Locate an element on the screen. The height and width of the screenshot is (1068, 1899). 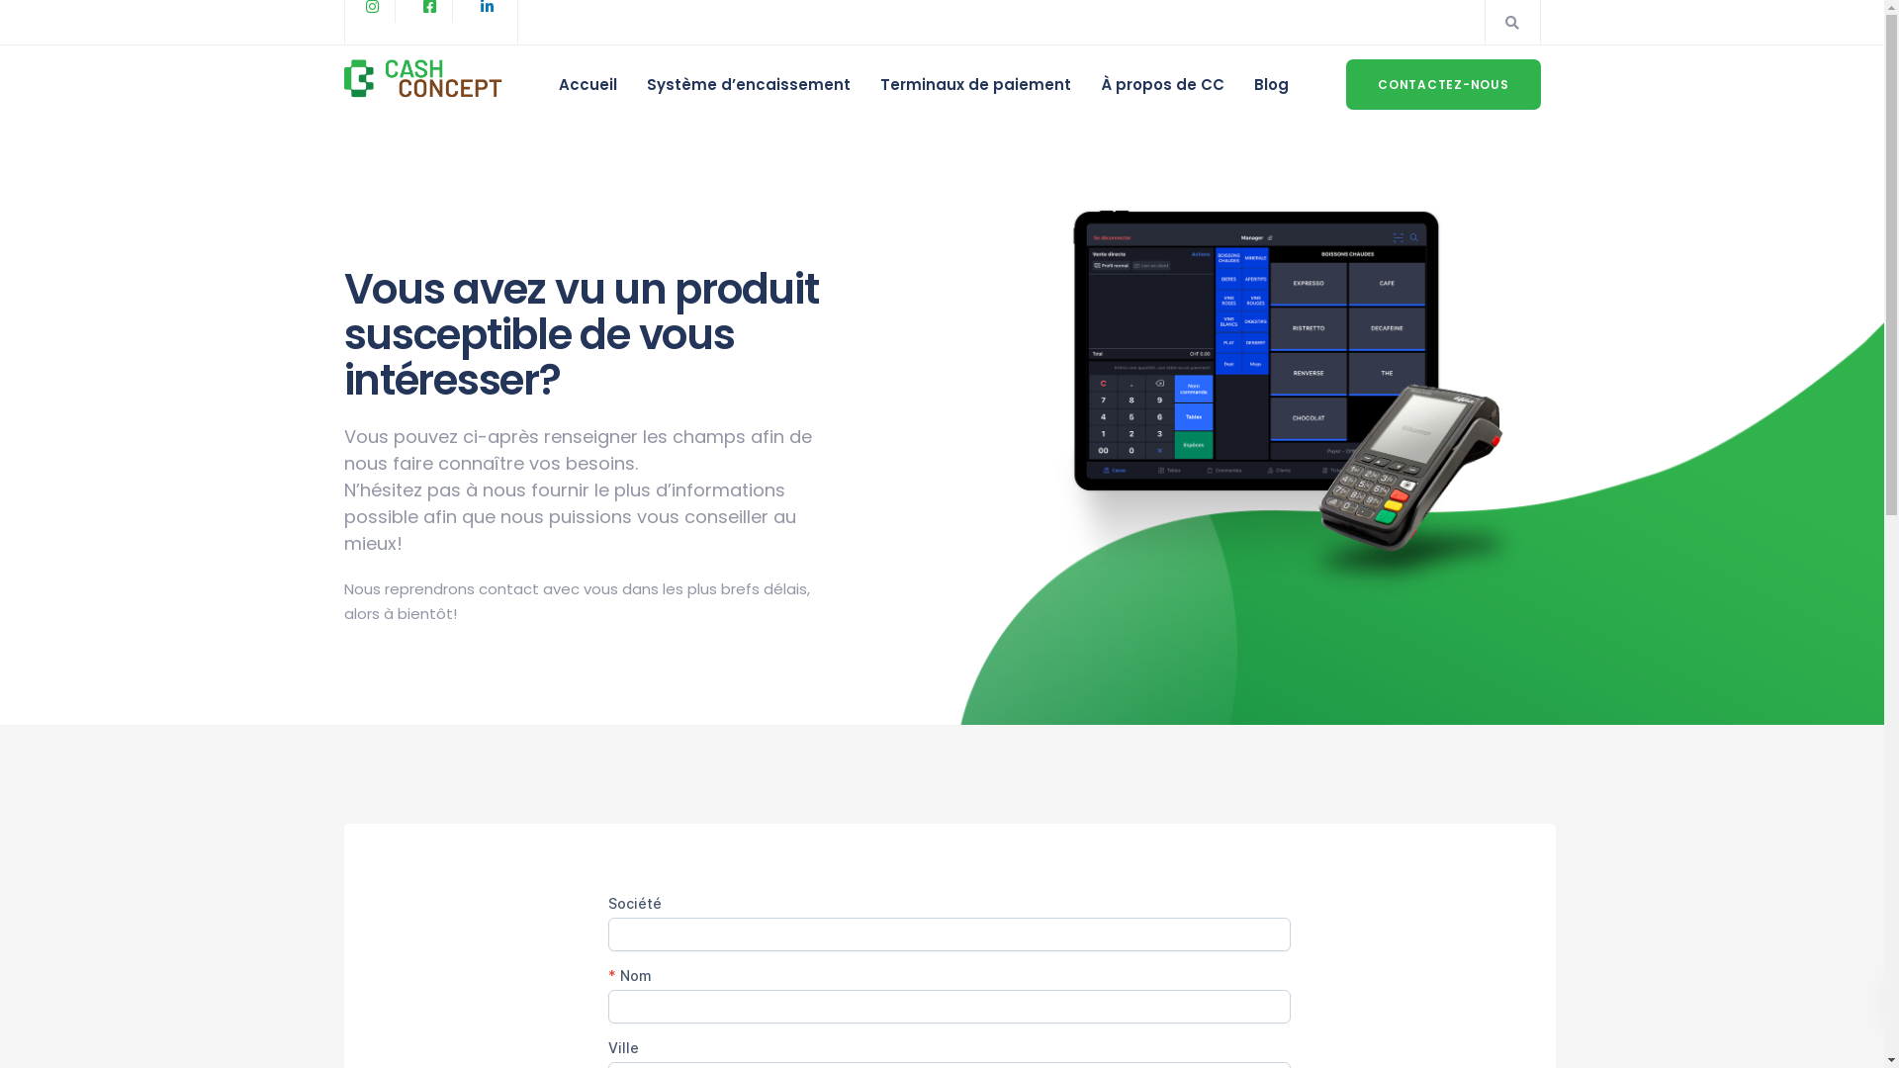
'Blog' is located at coordinates (1271, 83).